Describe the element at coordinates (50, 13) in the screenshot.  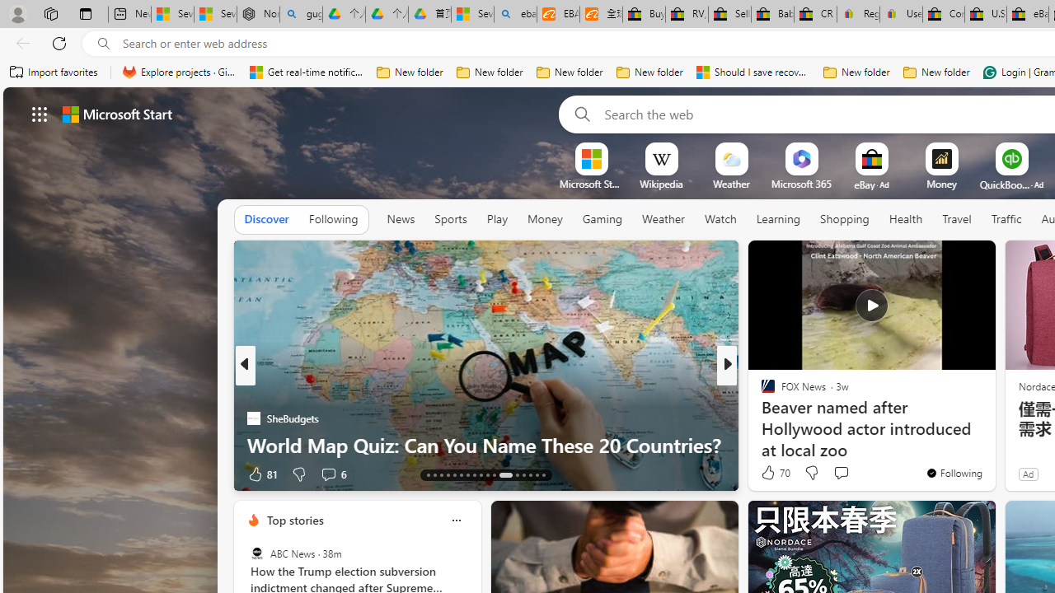
I see `'Workspaces'` at that location.